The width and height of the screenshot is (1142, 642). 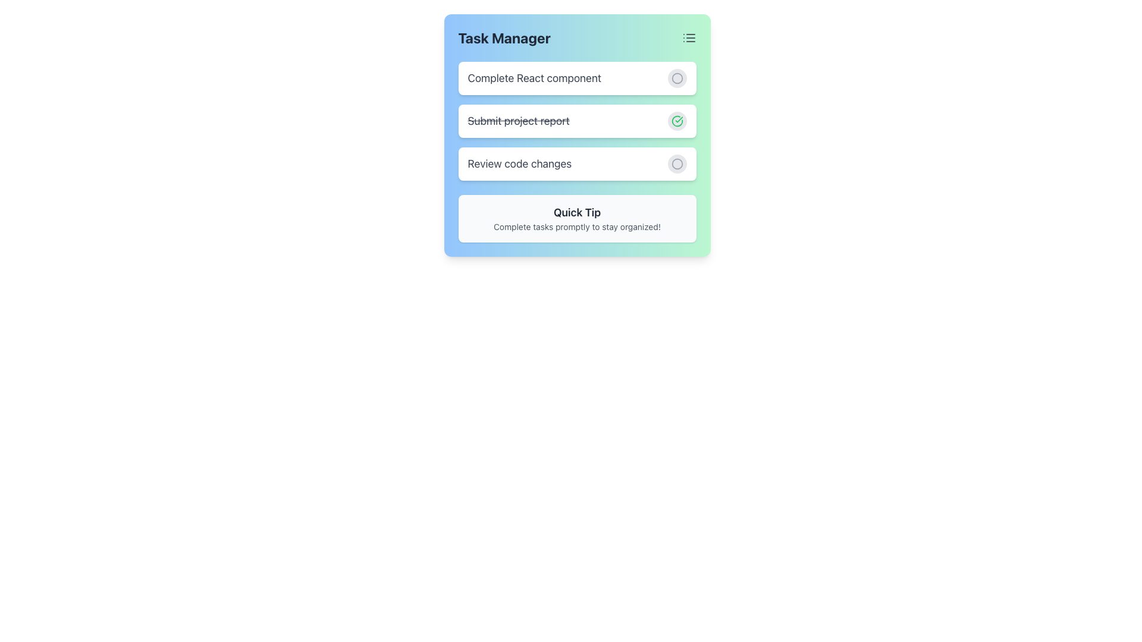 I want to click on the circular button with a gray background that changes to light green when hovered over, which contains a green checkmark icon, located to the right of the strikethrough text 'Submit project report', so click(x=677, y=121).